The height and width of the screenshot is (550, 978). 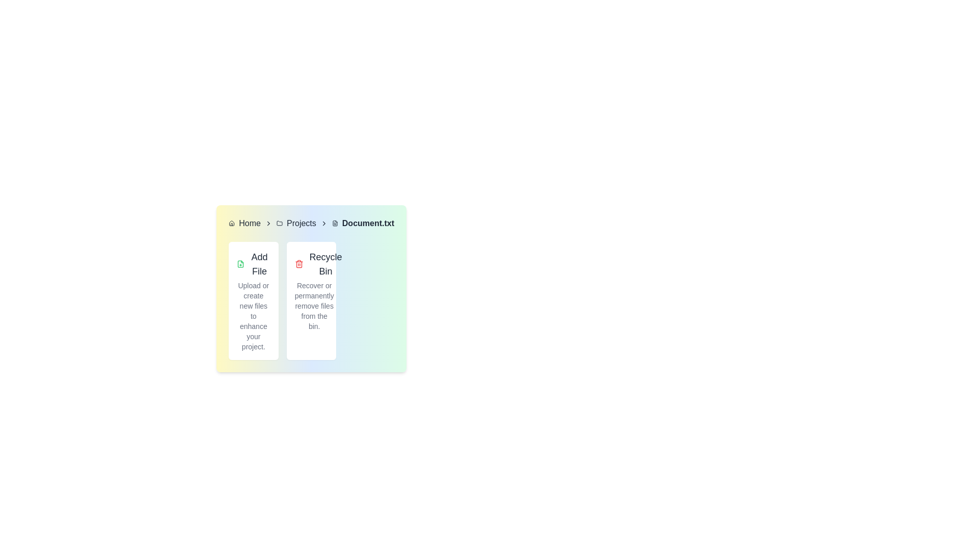 I want to click on the 'Home' link in the breadcrumb navigation, so click(x=250, y=223).